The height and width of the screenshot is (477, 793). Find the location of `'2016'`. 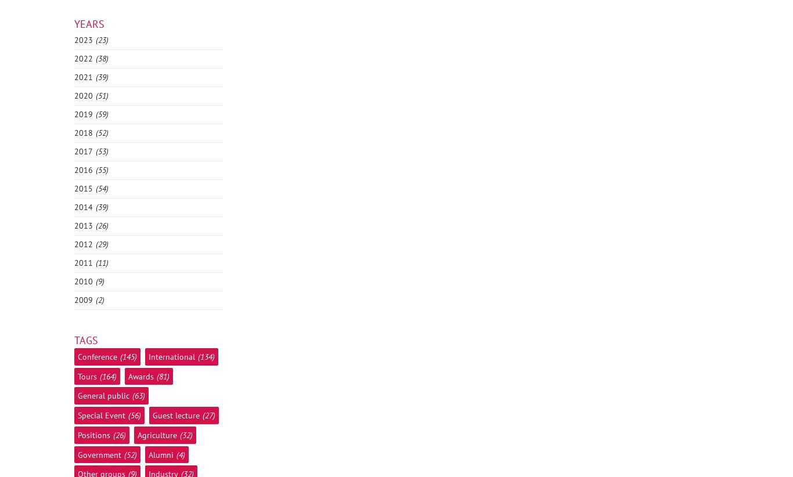

'2016' is located at coordinates (82, 169).